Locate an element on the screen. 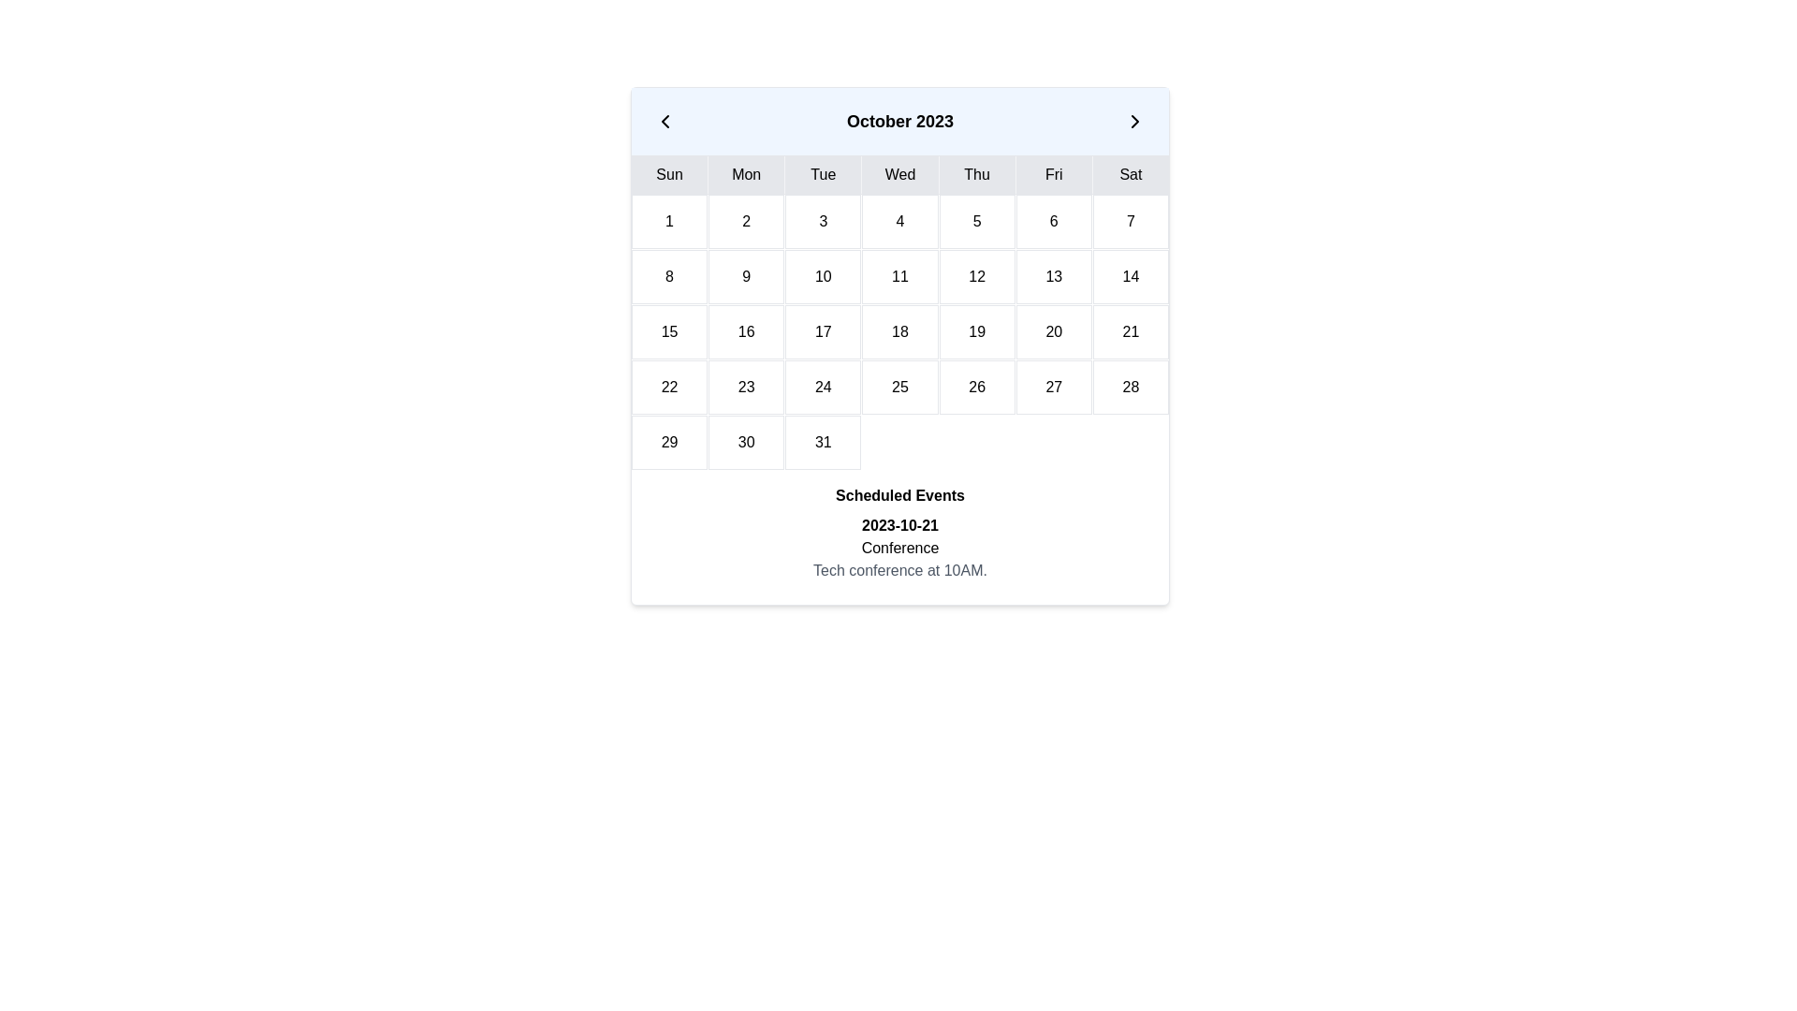 The image size is (1797, 1011). the right-facing chevron icon located in the top-right corner of the interface is located at coordinates (1134, 122).